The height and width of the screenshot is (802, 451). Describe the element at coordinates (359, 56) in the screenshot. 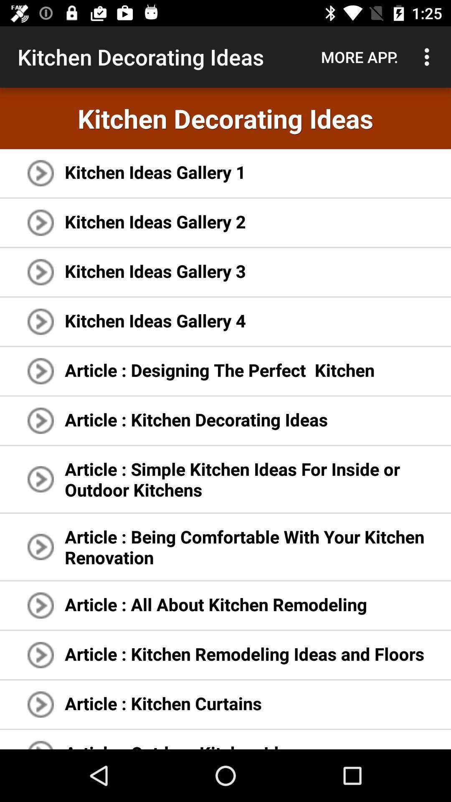

I see `the app above the kitchen decorating ideas icon` at that location.